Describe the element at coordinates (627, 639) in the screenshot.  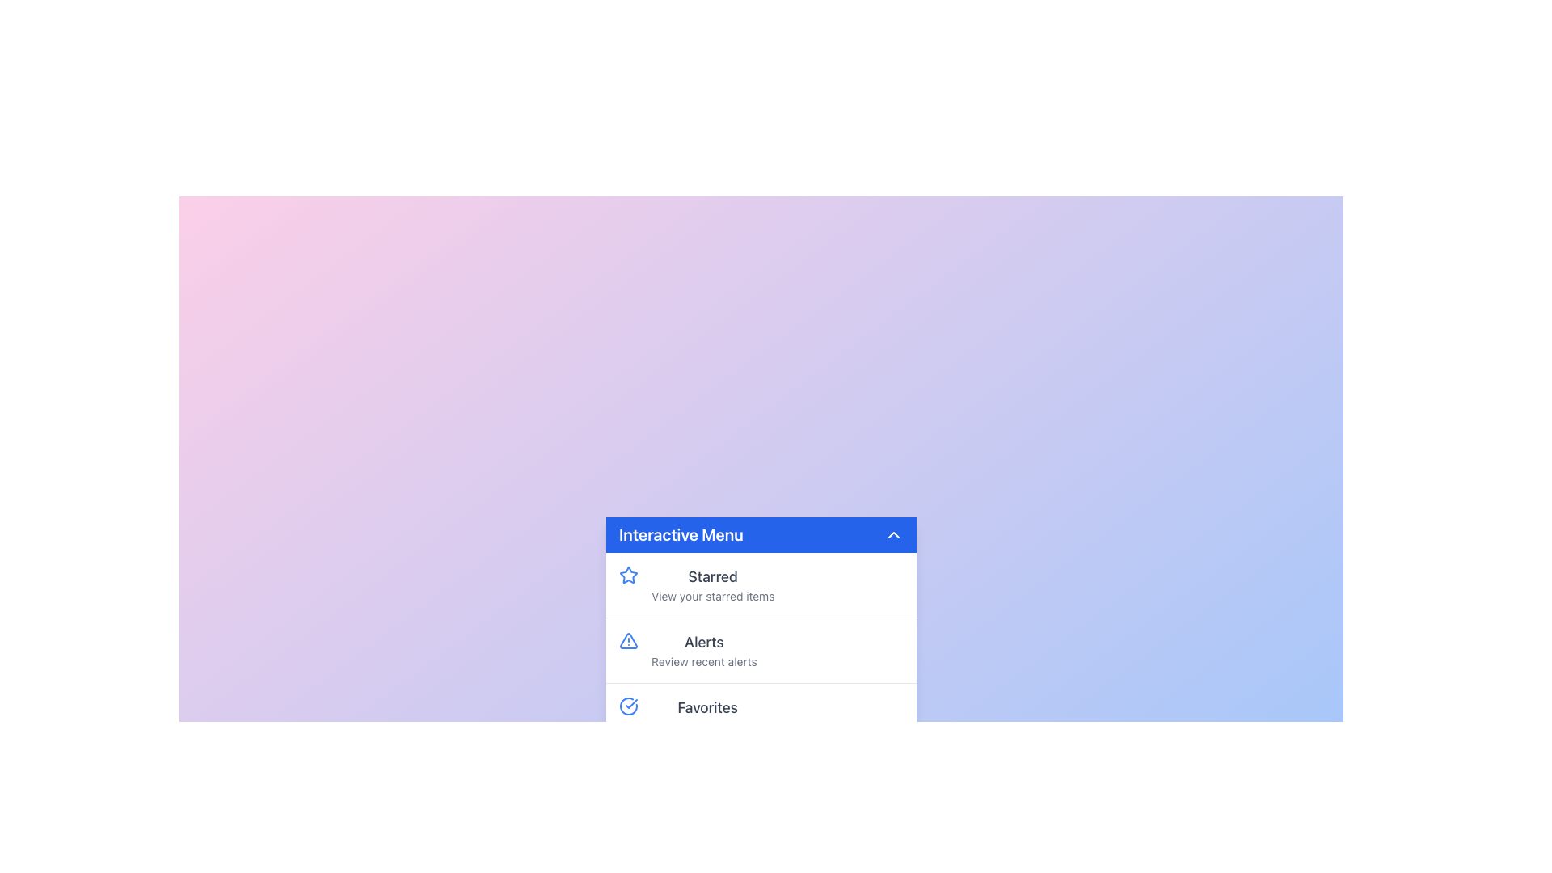
I see `the solid-filled triangle symbol within the blue alert icon in the interactive menu list, which is the second item in the list` at that location.